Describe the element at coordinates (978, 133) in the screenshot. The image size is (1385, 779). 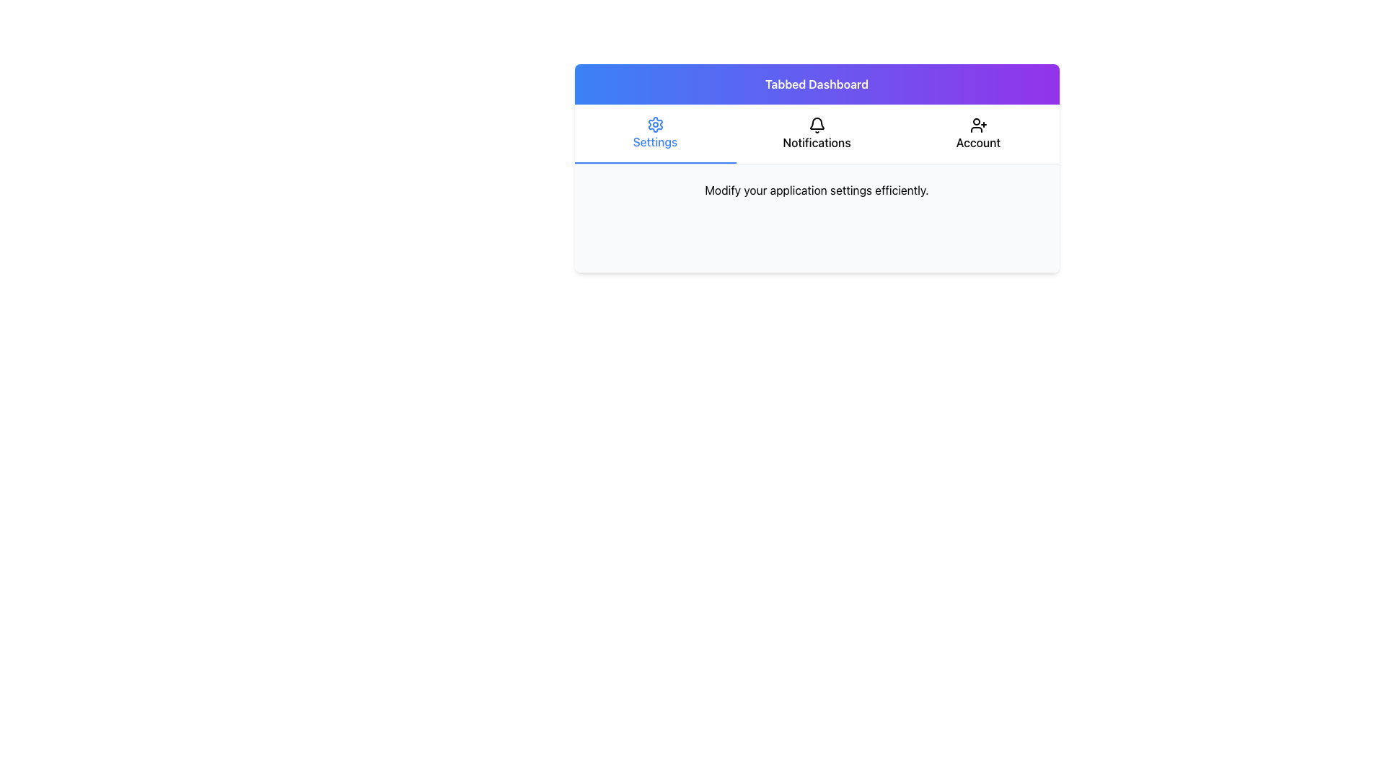
I see `the 'Account' Navigation Button, which features a user icon with a plus sign and is located in the third section of the tabbed navigation bar` at that location.